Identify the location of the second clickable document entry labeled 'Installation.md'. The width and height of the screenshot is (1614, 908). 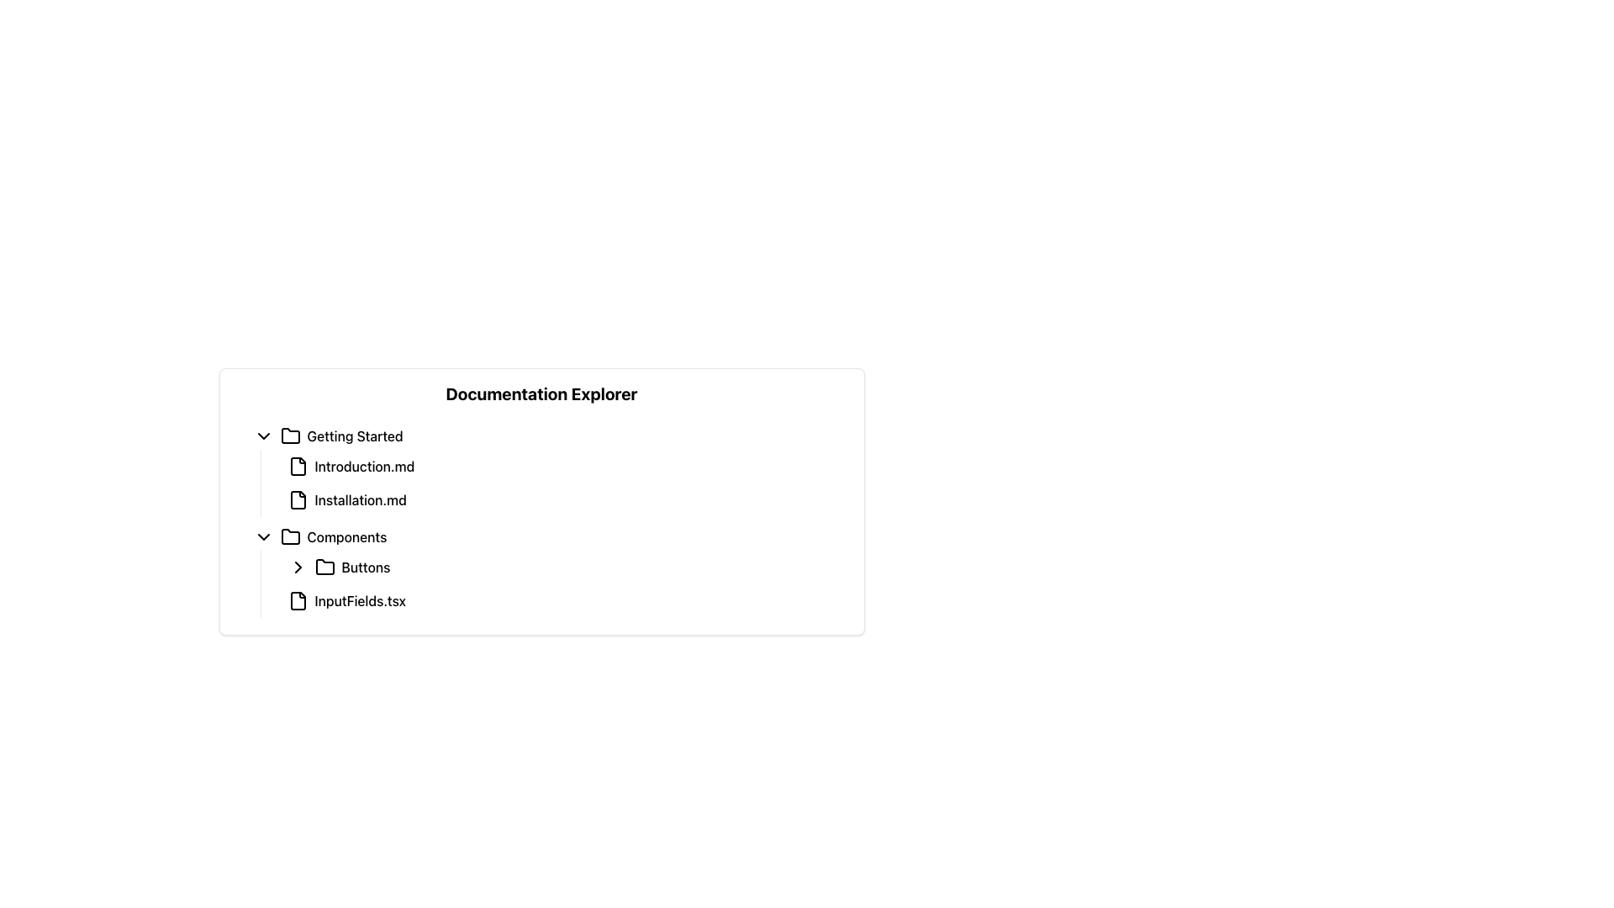
(565, 499).